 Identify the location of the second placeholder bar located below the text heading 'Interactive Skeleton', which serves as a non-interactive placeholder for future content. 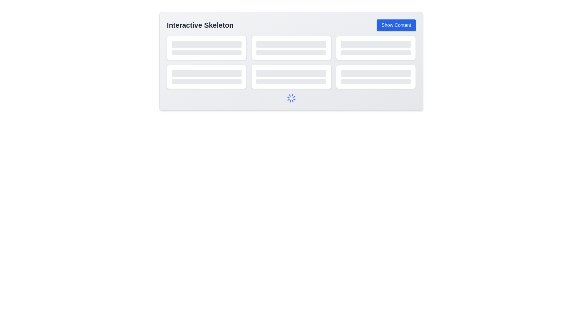
(207, 82).